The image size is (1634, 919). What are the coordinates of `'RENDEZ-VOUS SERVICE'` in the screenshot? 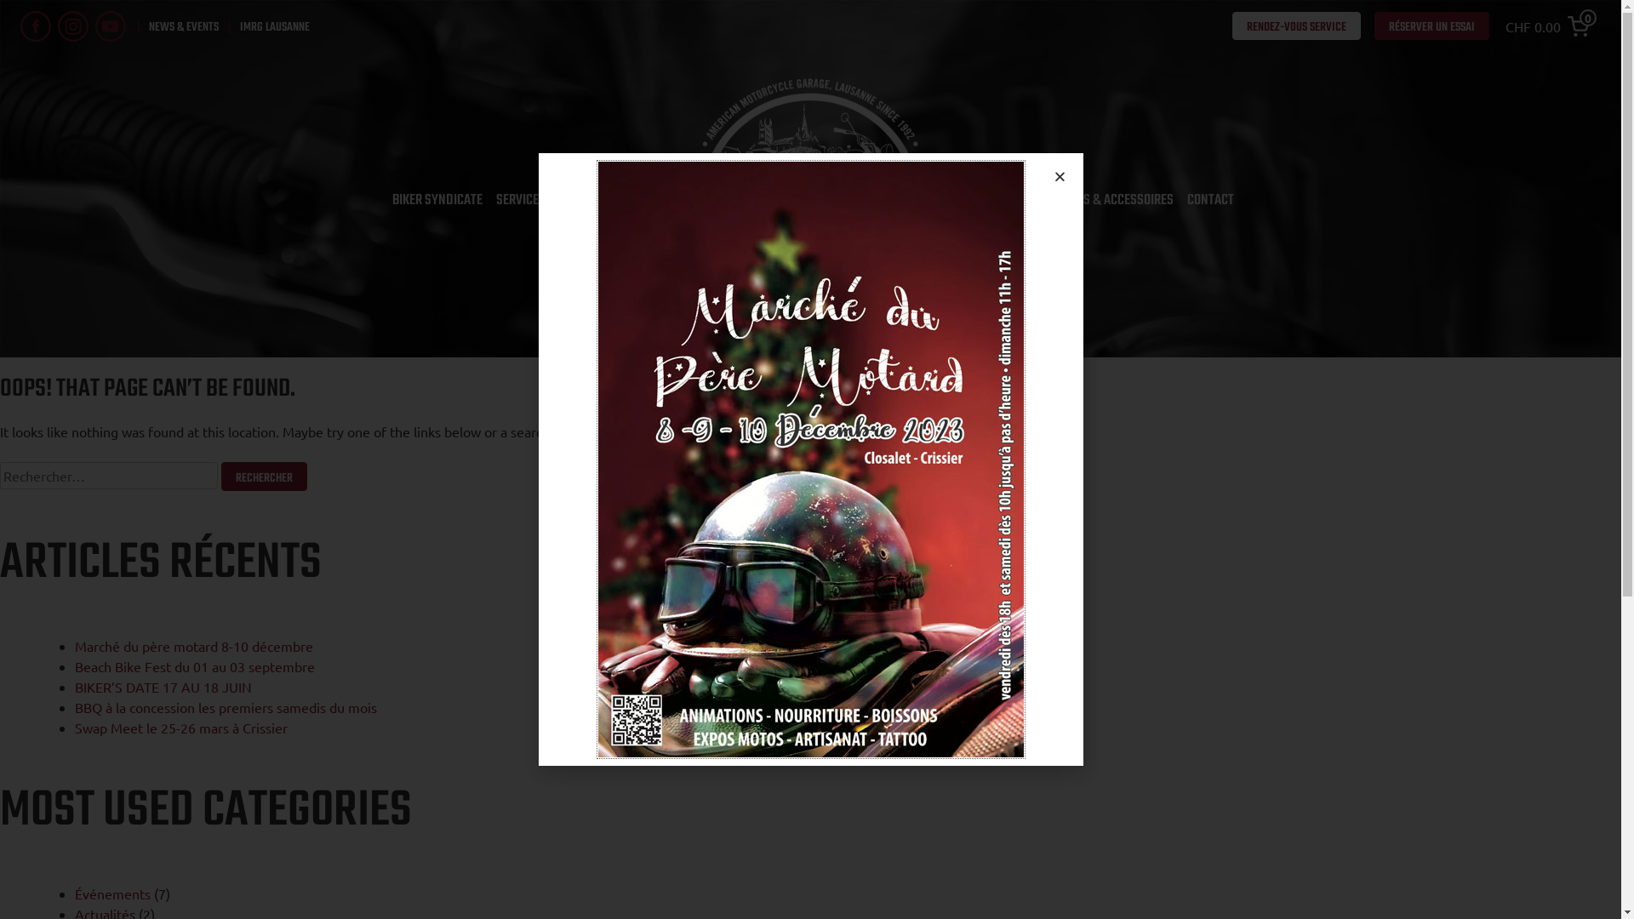 It's located at (1295, 26).